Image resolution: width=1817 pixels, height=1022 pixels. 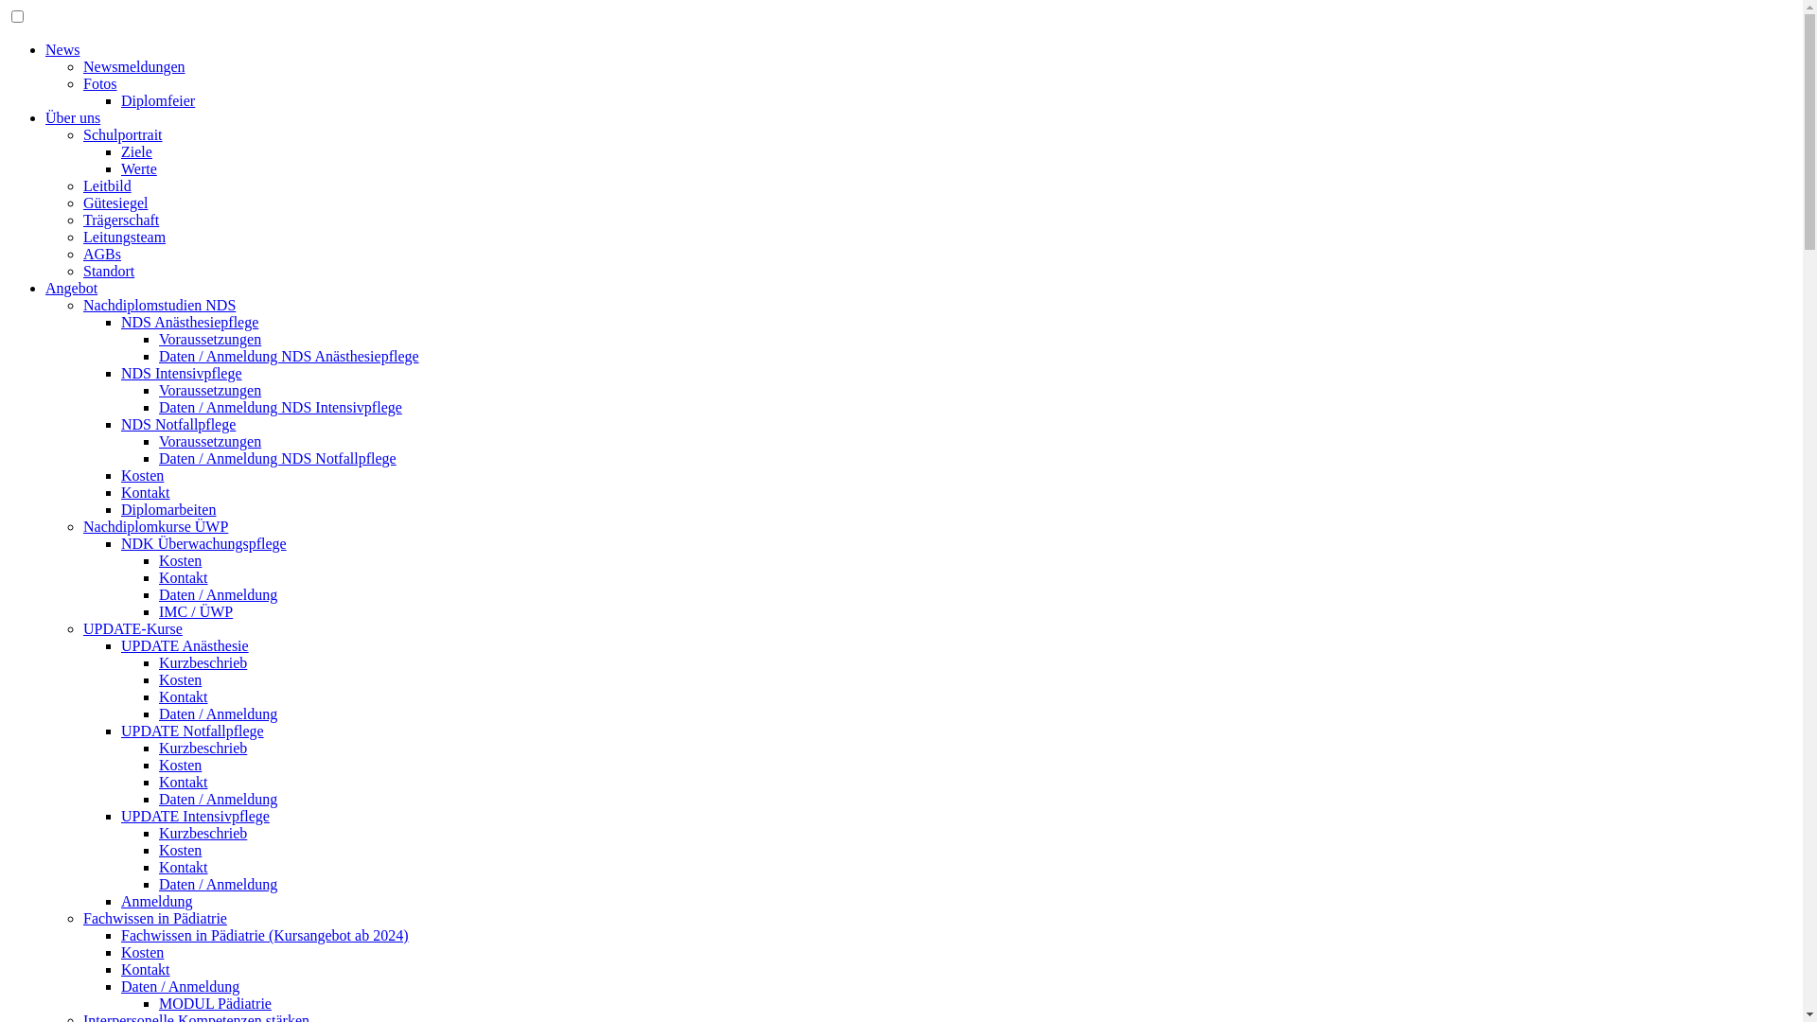 What do you see at coordinates (159, 304) in the screenshot?
I see `'Nachdiplomstudien NDS'` at bounding box center [159, 304].